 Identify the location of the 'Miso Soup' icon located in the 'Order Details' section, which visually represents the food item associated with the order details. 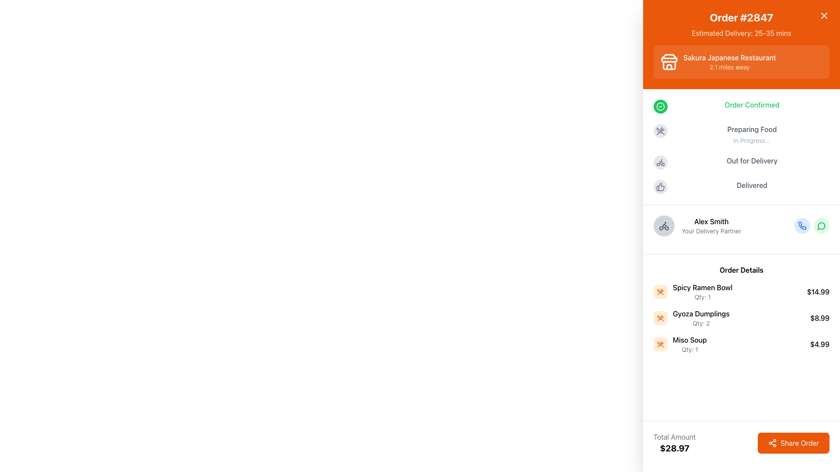
(661, 344).